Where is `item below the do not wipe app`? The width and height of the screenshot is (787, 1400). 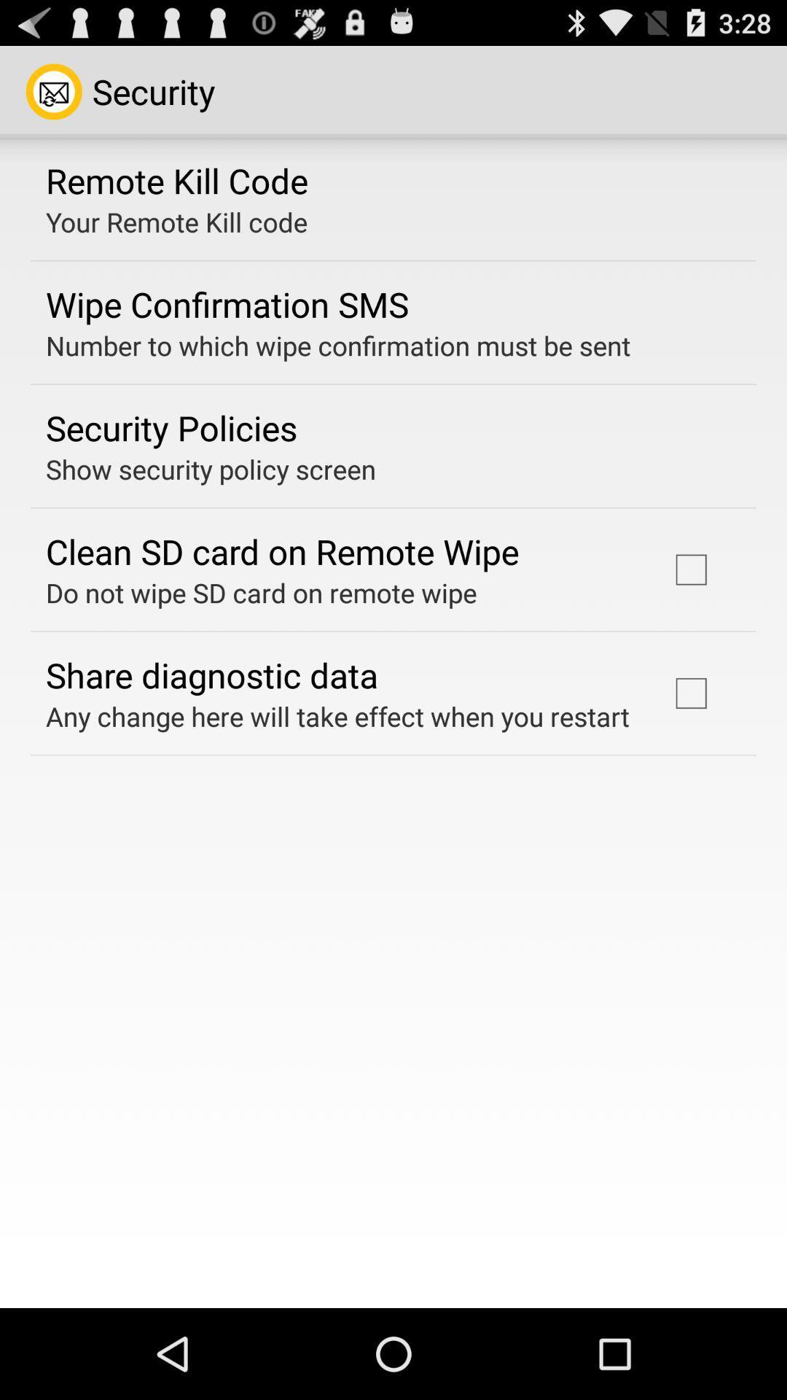
item below the do not wipe app is located at coordinates (211, 674).